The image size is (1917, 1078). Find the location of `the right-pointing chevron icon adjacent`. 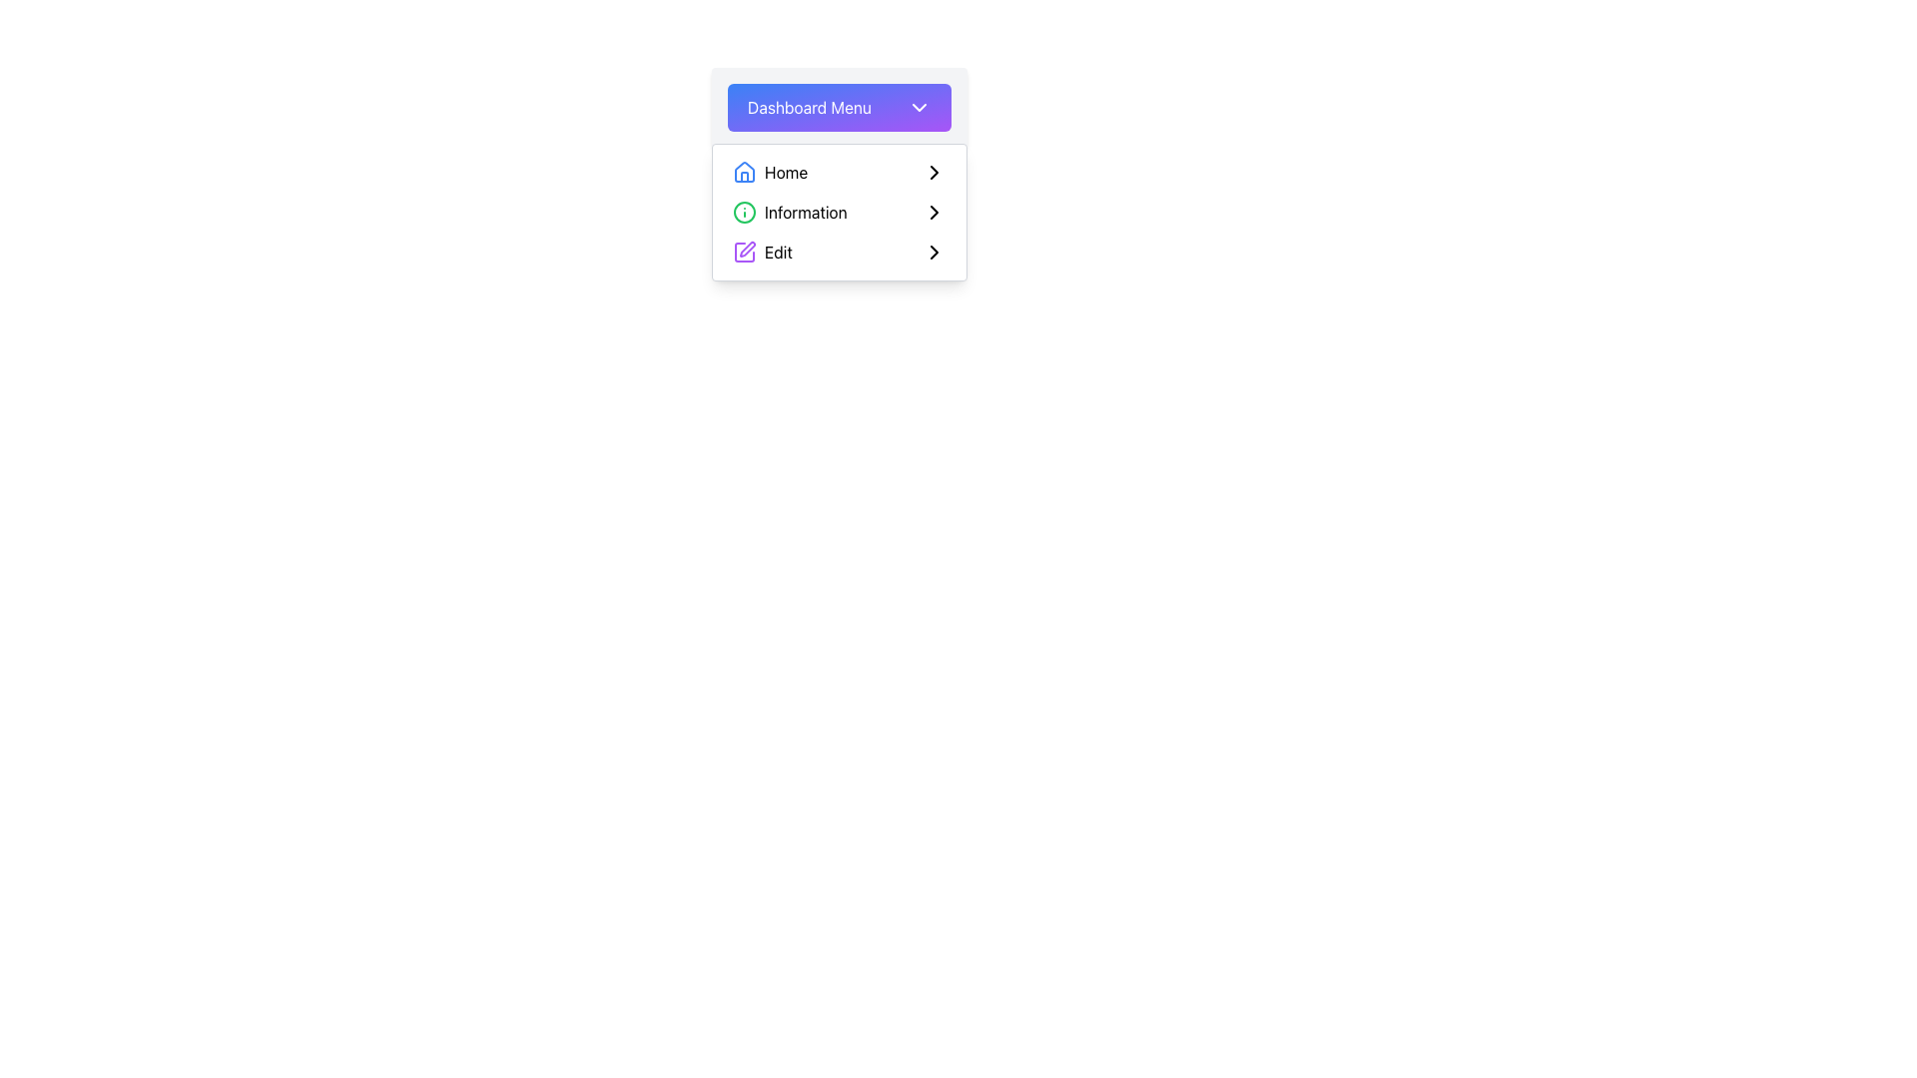

the right-pointing chevron icon adjacent is located at coordinates (934, 212).